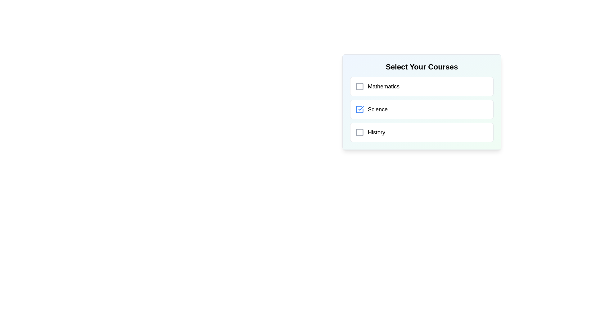 Image resolution: width=596 pixels, height=335 pixels. Describe the element at coordinates (422, 86) in the screenshot. I see `the 'Mathematics' checkbox element using keyboard navigation` at that location.